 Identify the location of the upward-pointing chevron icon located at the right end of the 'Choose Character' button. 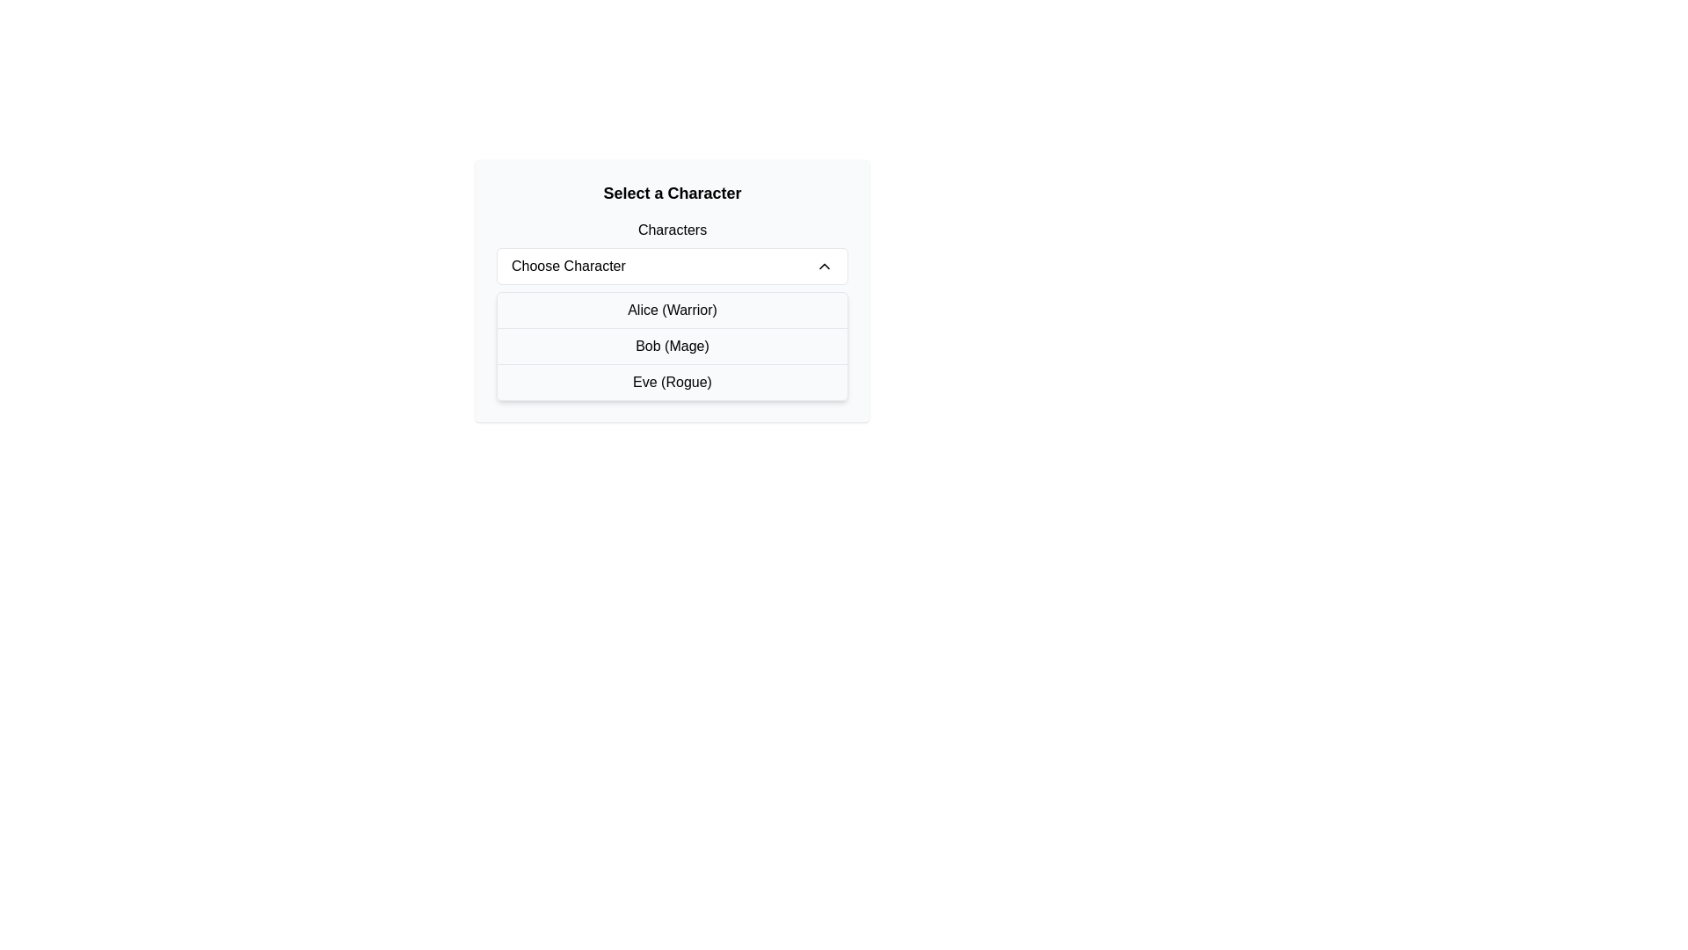
(823, 267).